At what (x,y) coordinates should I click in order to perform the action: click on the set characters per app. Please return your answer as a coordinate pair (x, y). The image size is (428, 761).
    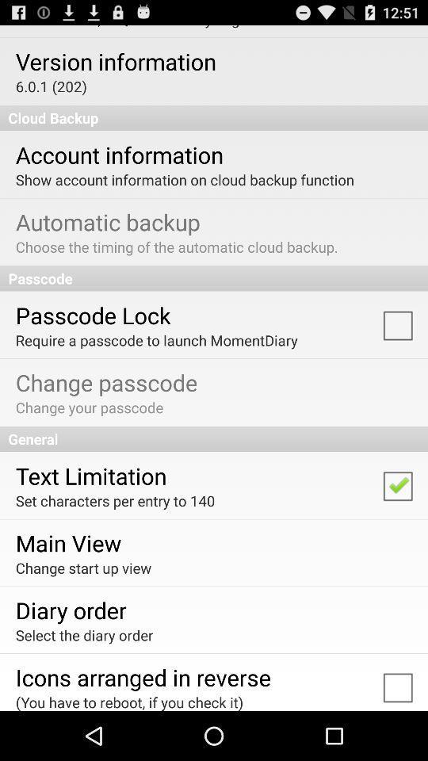
    Looking at the image, I should click on (114, 499).